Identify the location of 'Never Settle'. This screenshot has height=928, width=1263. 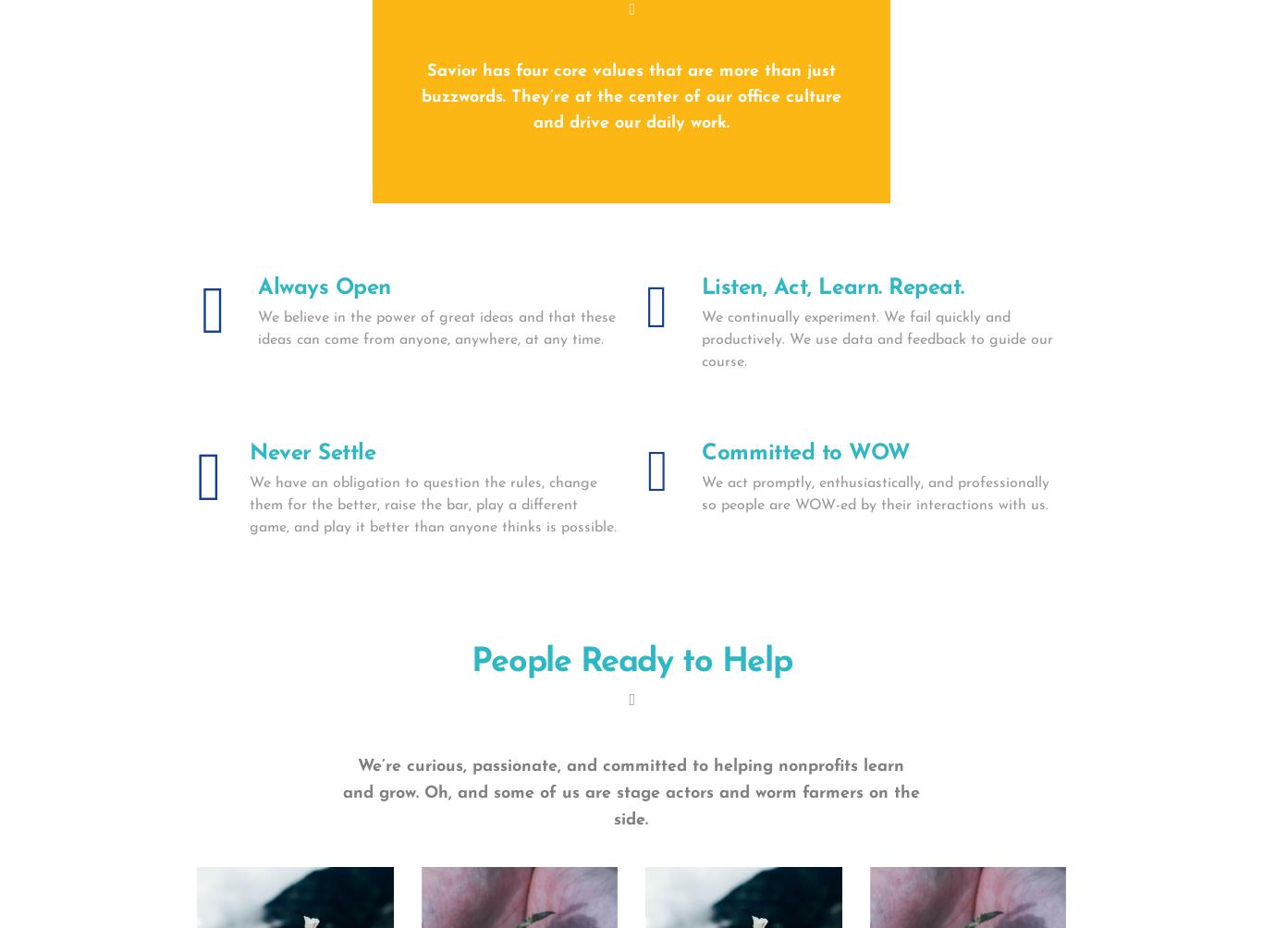
(312, 452).